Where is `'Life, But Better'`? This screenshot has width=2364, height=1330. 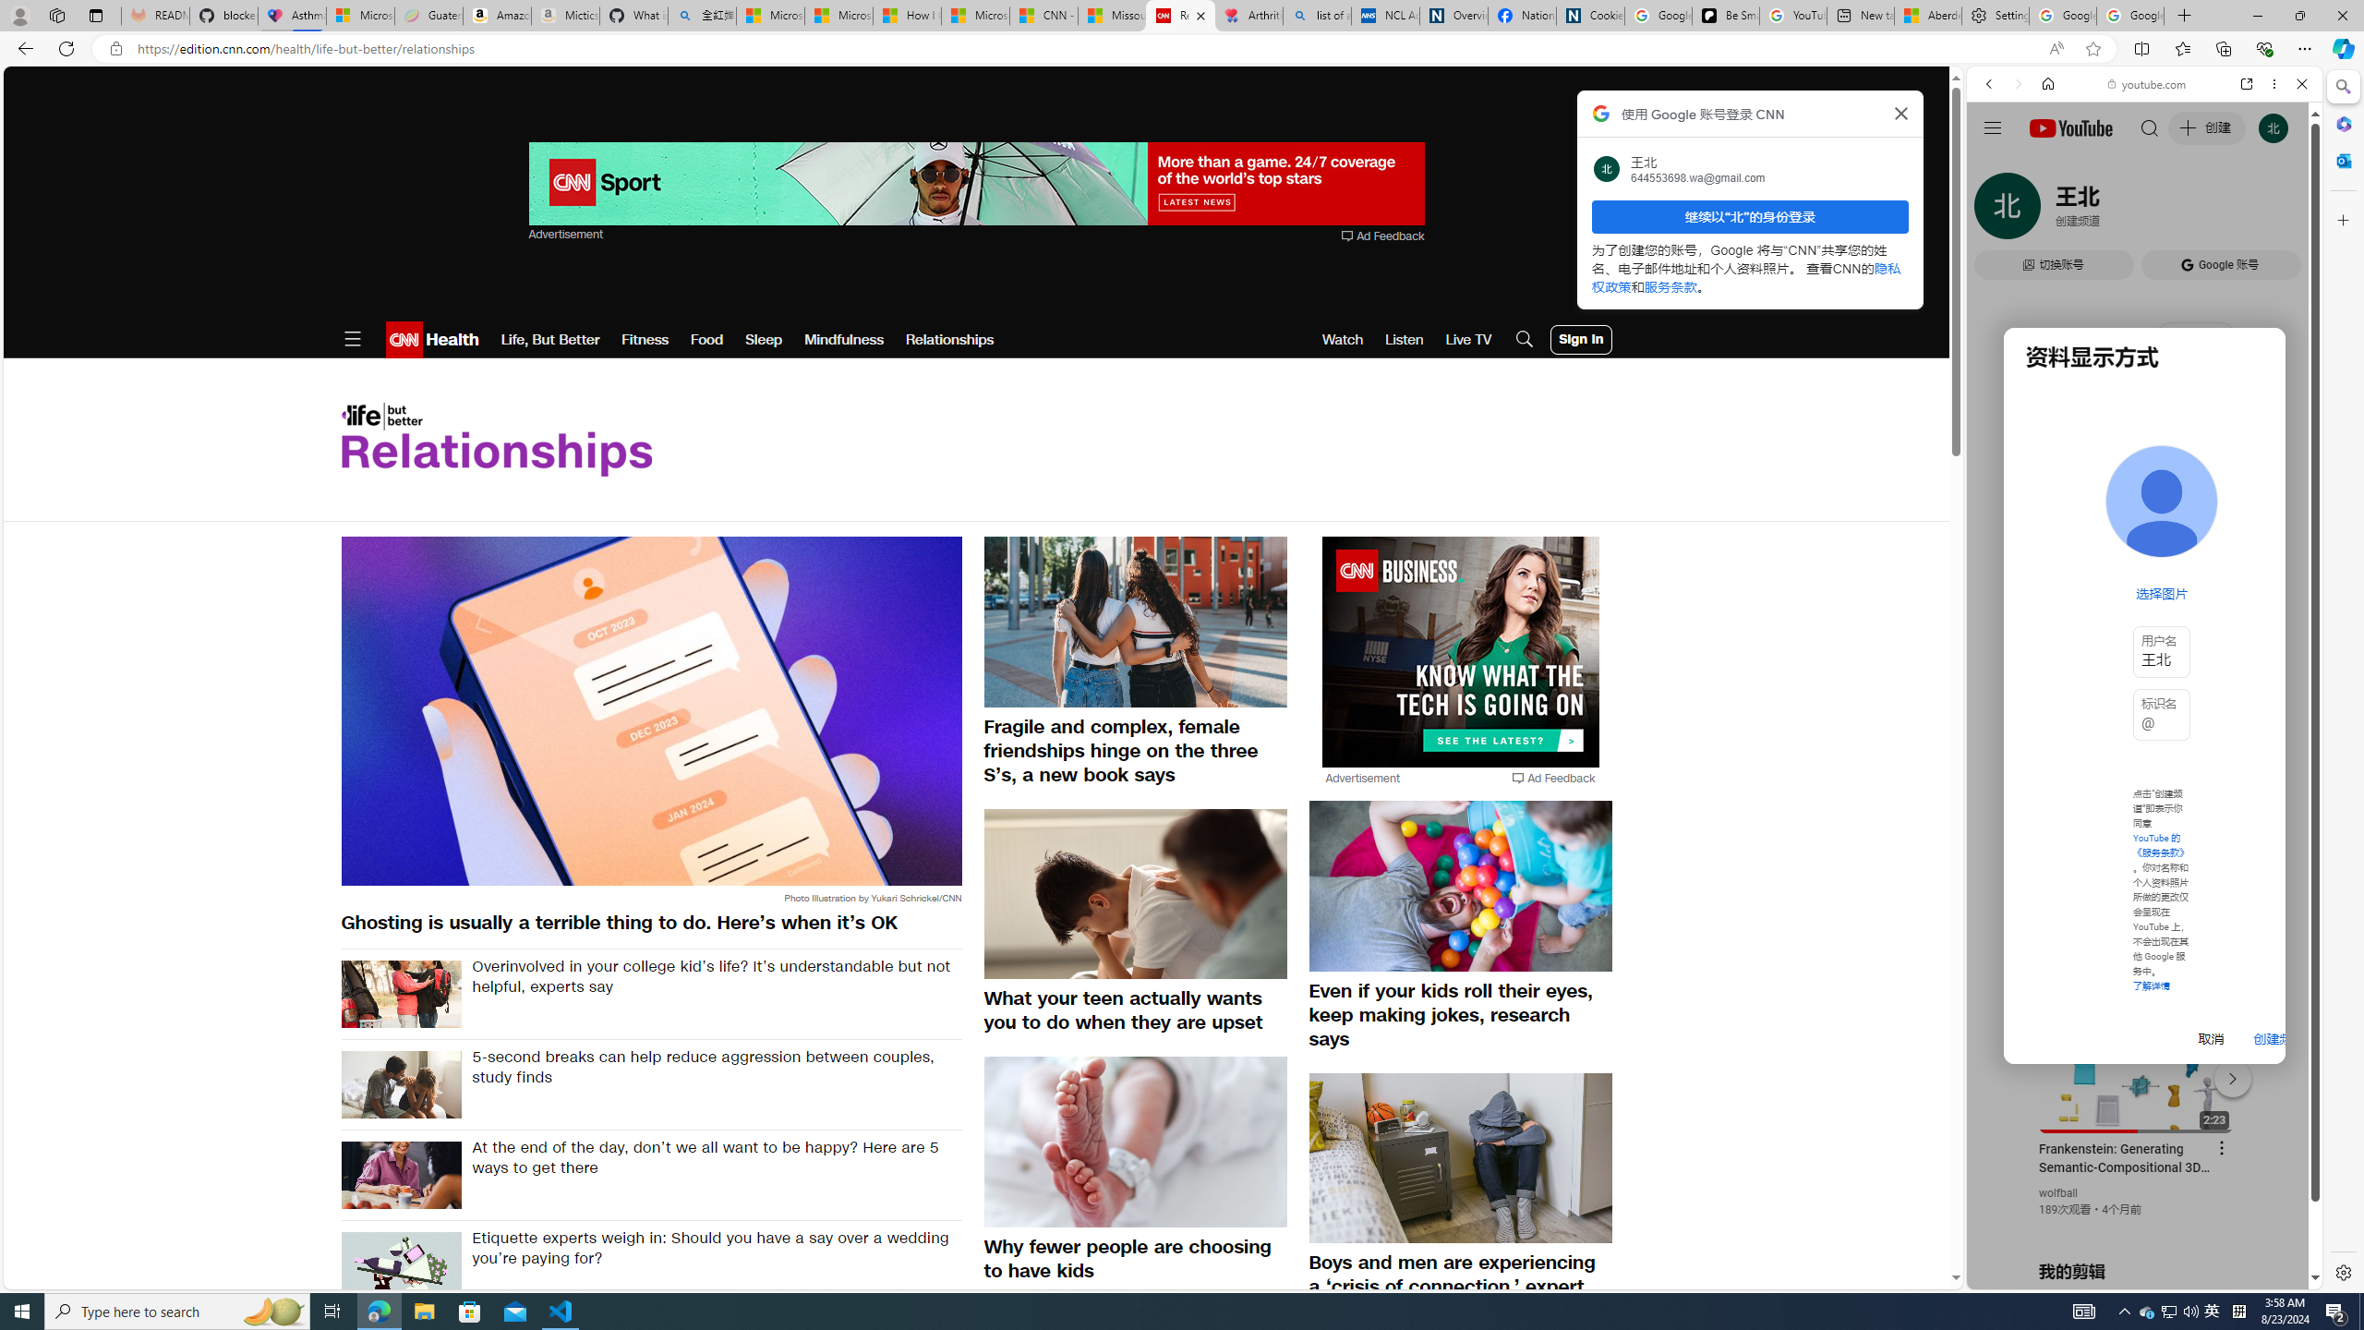 'Life, But Better' is located at coordinates (549, 339).